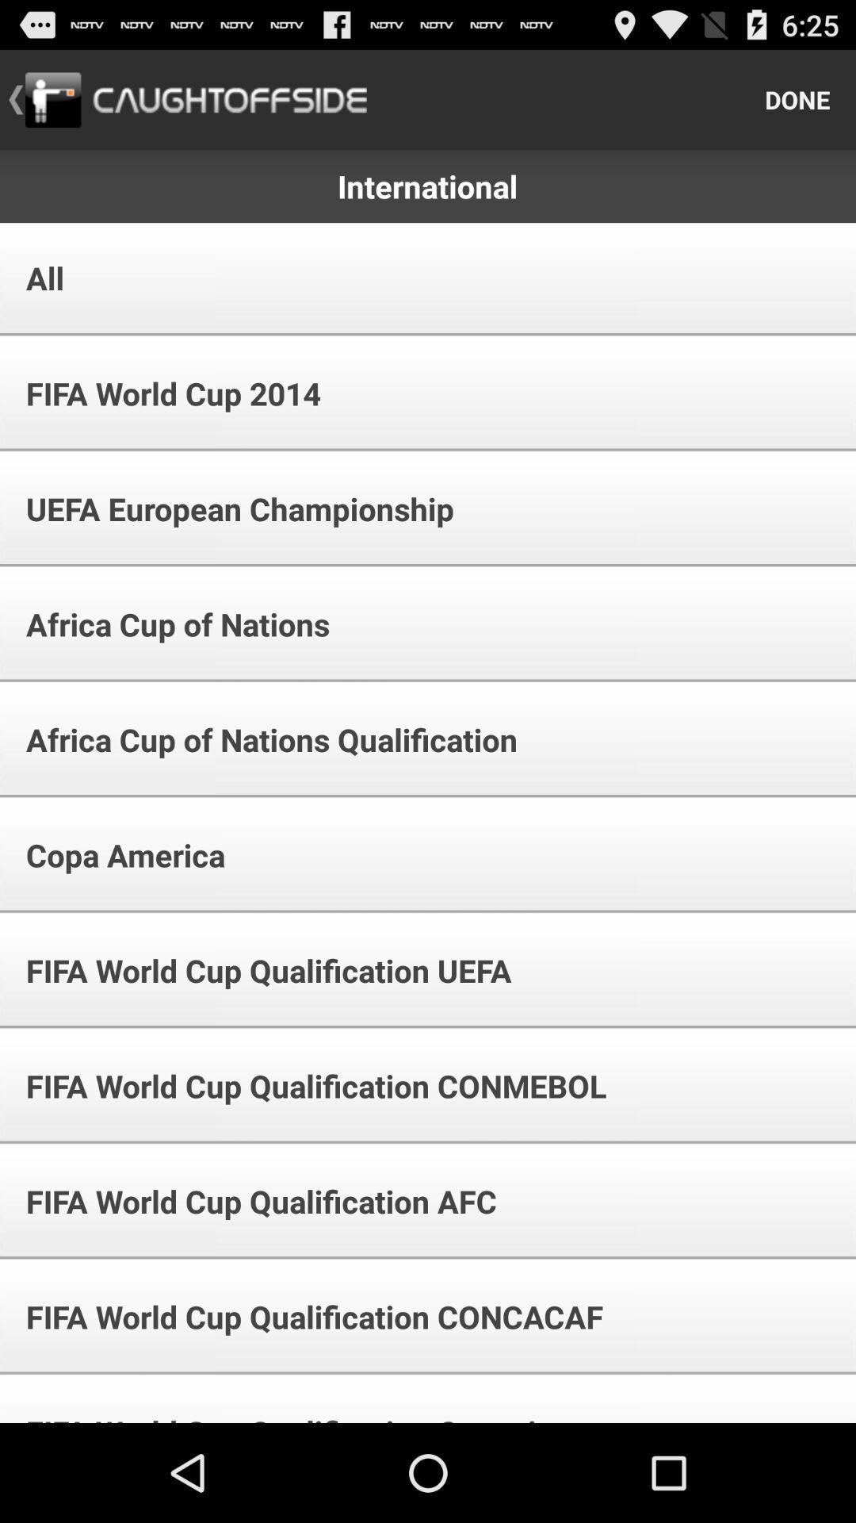 This screenshot has width=856, height=1523. What do you see at coordinates (229, 508) in the screenshot?
I see `app below the fifa world cup item` at bounding box center [229, 508].